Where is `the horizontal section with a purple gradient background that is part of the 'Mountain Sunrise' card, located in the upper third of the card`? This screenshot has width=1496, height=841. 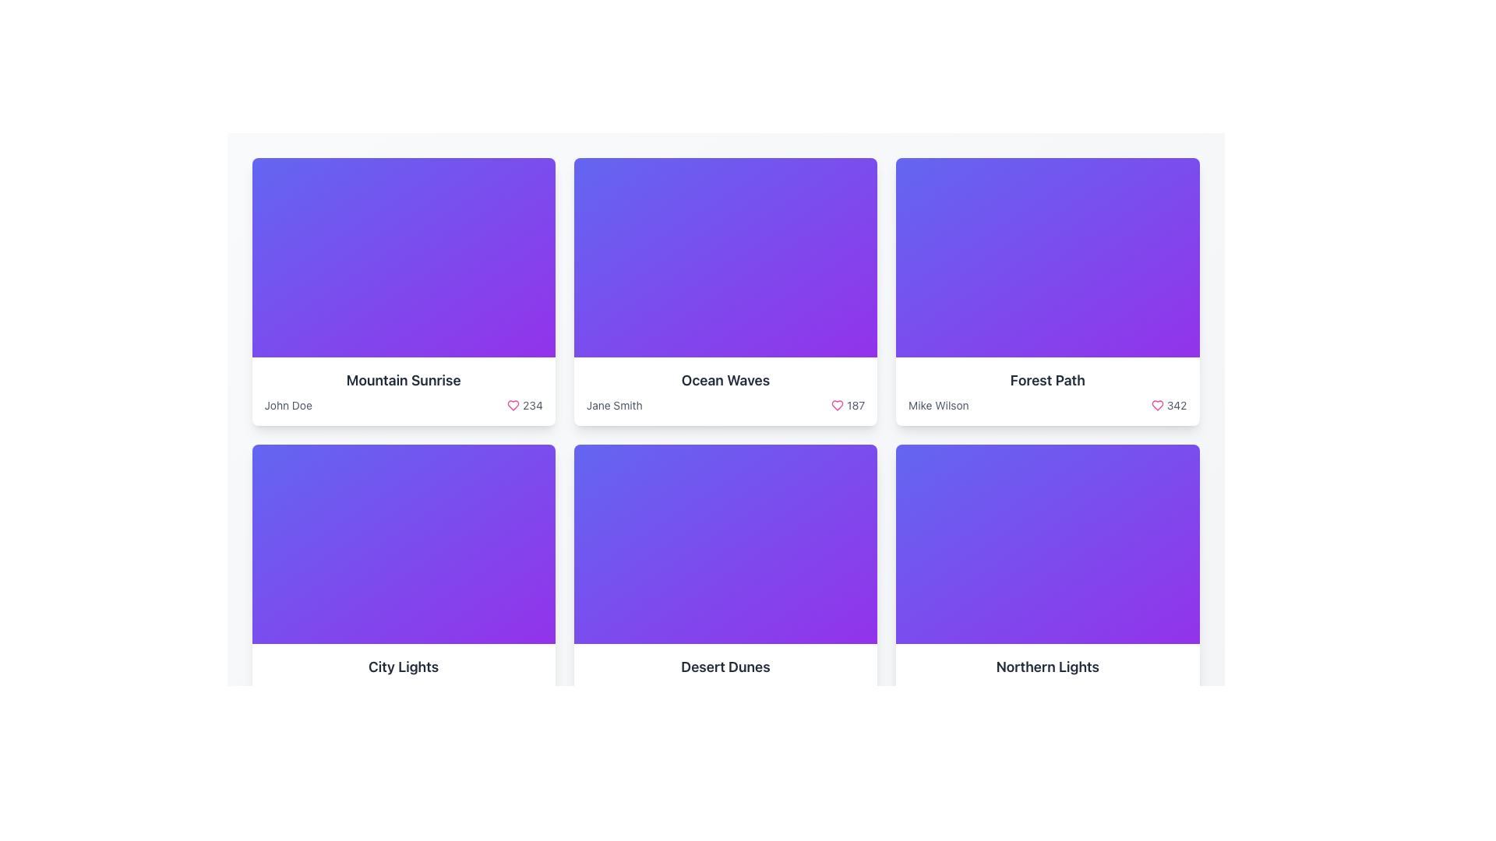 the horizontal section with a purple gradient background that is part of the 'Mountain Sunrise' card, located in the upper third of the card is located at coordinates (404, 304).